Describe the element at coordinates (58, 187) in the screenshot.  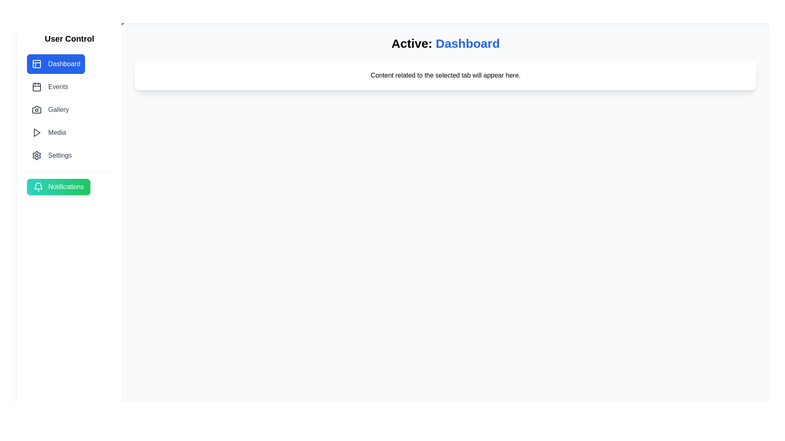
I see `the Notifications button to access notifications` at that location.